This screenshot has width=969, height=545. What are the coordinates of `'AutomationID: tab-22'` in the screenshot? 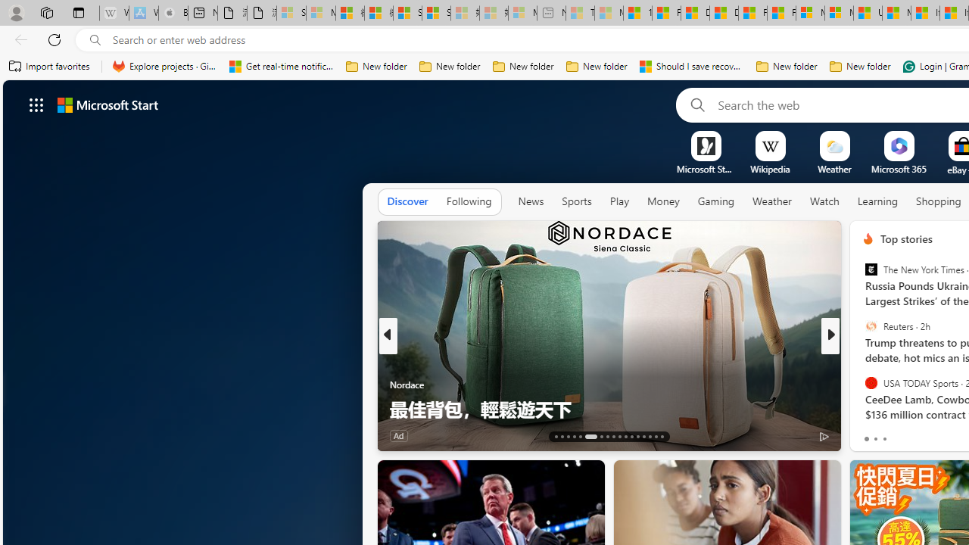 It's located at (619, 437).